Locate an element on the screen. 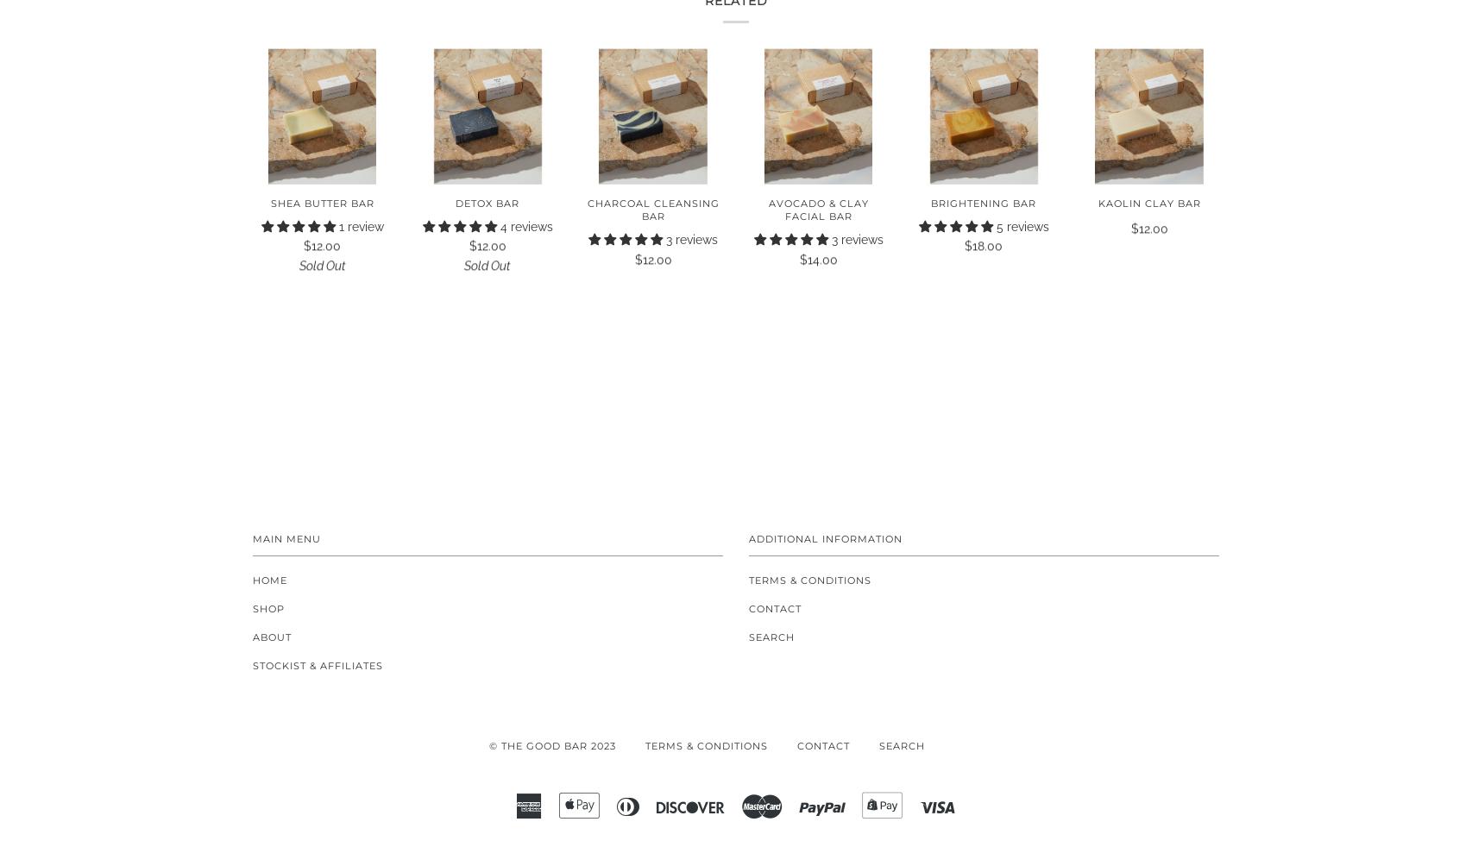 Image resolution: width=1472 pixels, height=847 pixels. 'Additional Information' is located at coordinates (826, 538).